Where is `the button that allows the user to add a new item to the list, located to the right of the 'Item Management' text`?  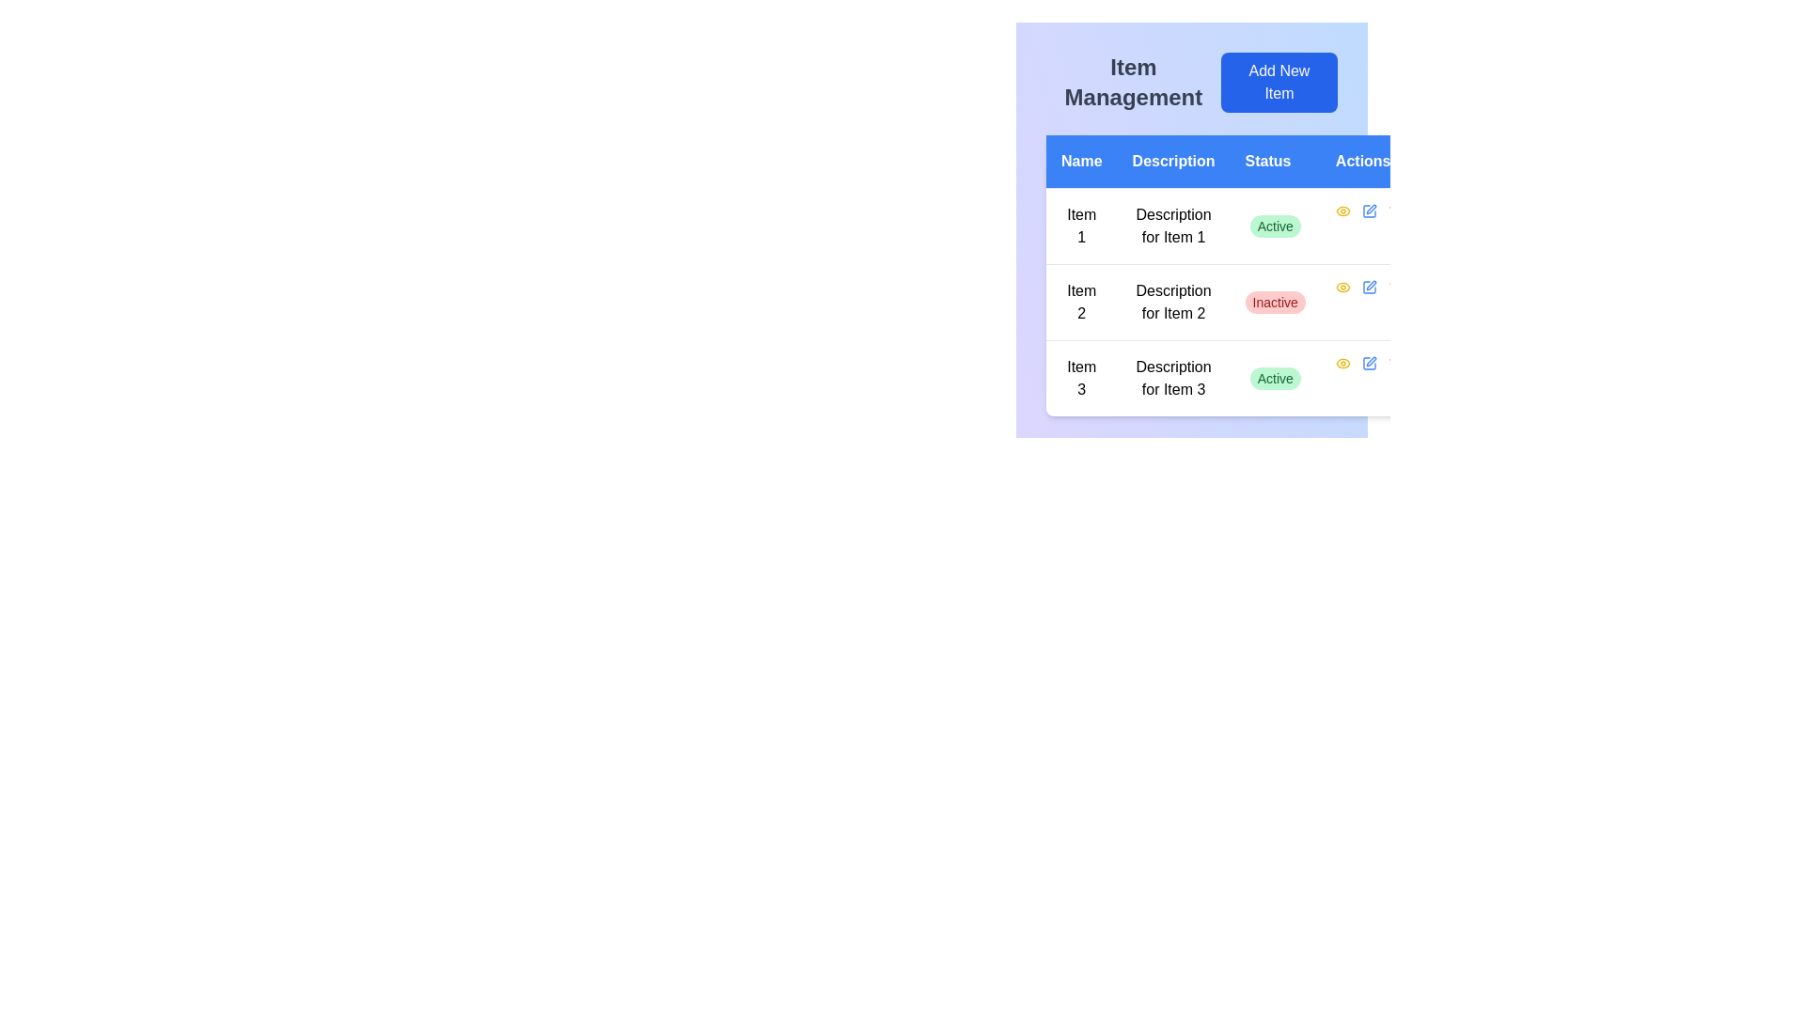
the button that allows the user to add a new item to the list, located to the right of the 'Item Management' text is located at coordinates (1279, 82).